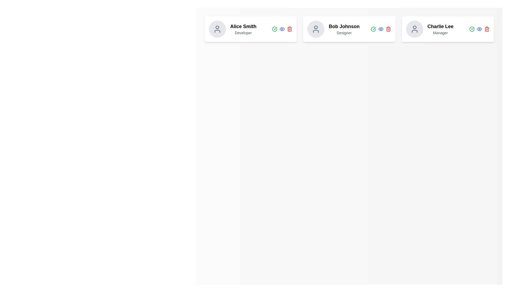  What do you see at coordinates (316, 29) in the screenshot?
I see `the user profile icon, which is an avatar styled in muted gray, located in the card labeled 'Bob Johnson' near the top-left side` at bounding box center [316, 29].